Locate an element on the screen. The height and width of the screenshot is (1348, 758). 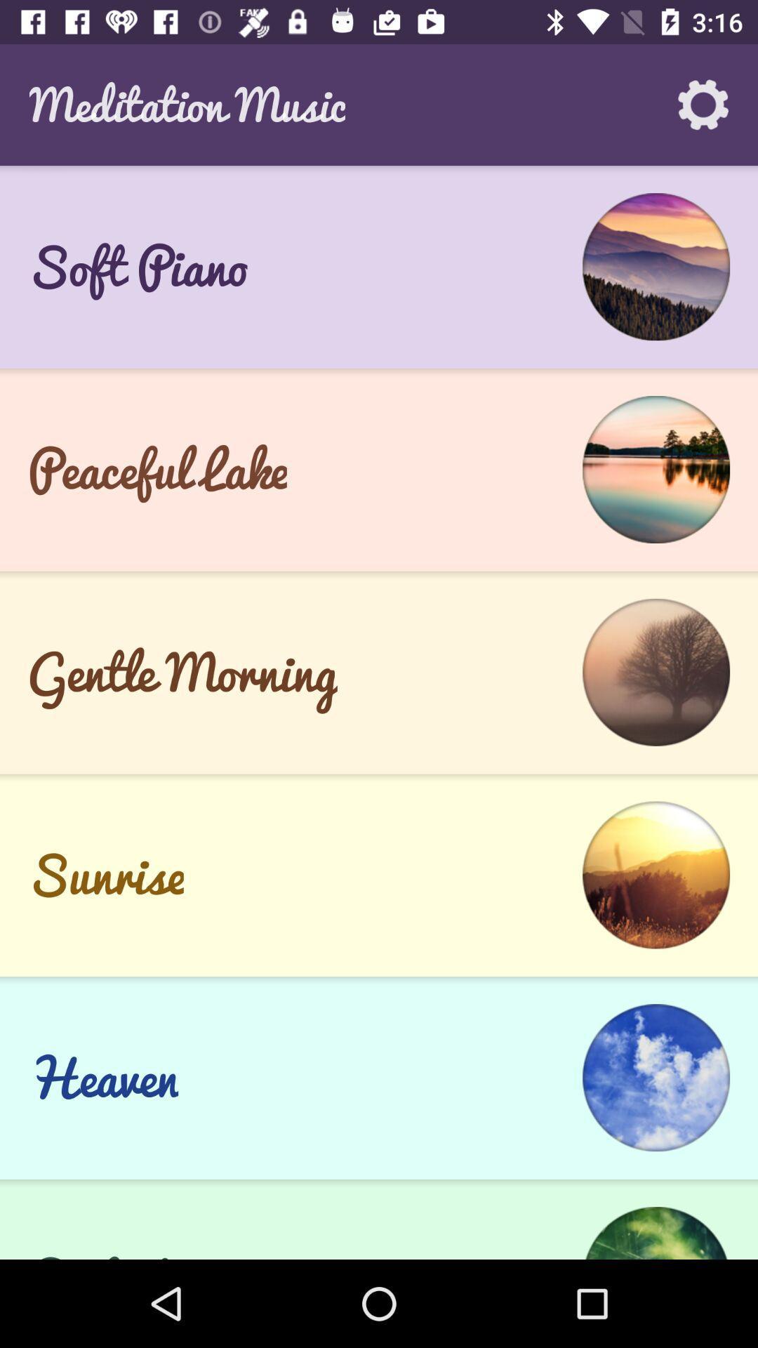
the app below meditation music item is located at coordinates (379, 171).